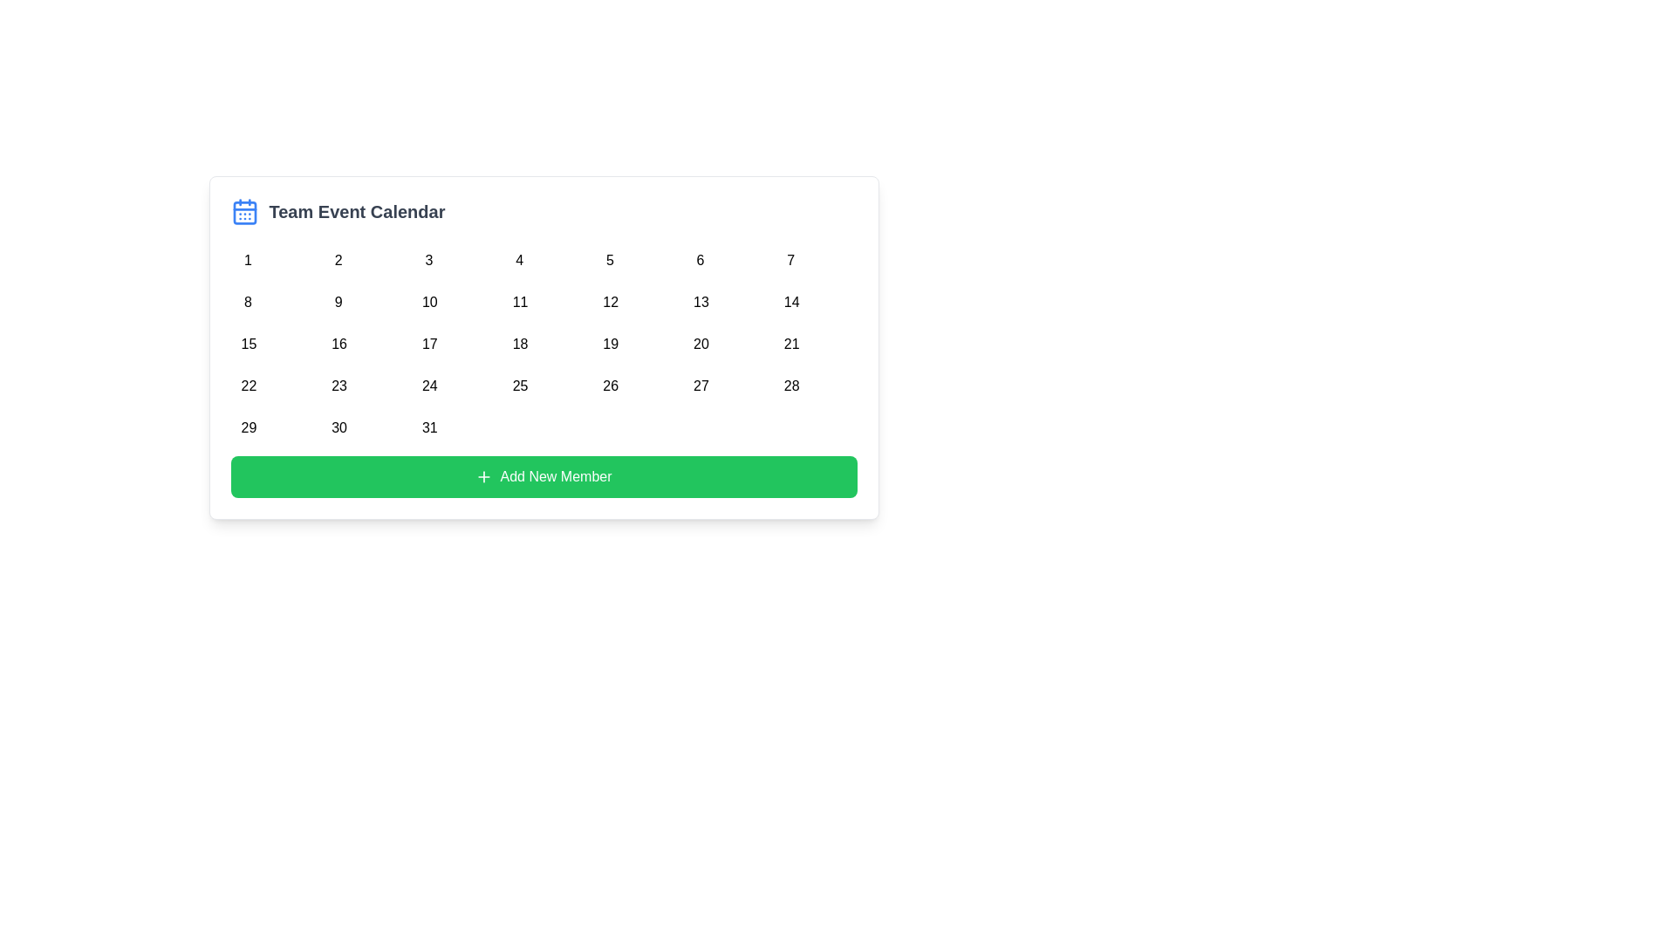  Describe the element at coordinates (243, 211) in the screenshot. I see `the decorative icon located at the top-left corner of the 'Team Event Calendar' panel, which signifies the nature of the panel and may hint at interactive components` at that location.